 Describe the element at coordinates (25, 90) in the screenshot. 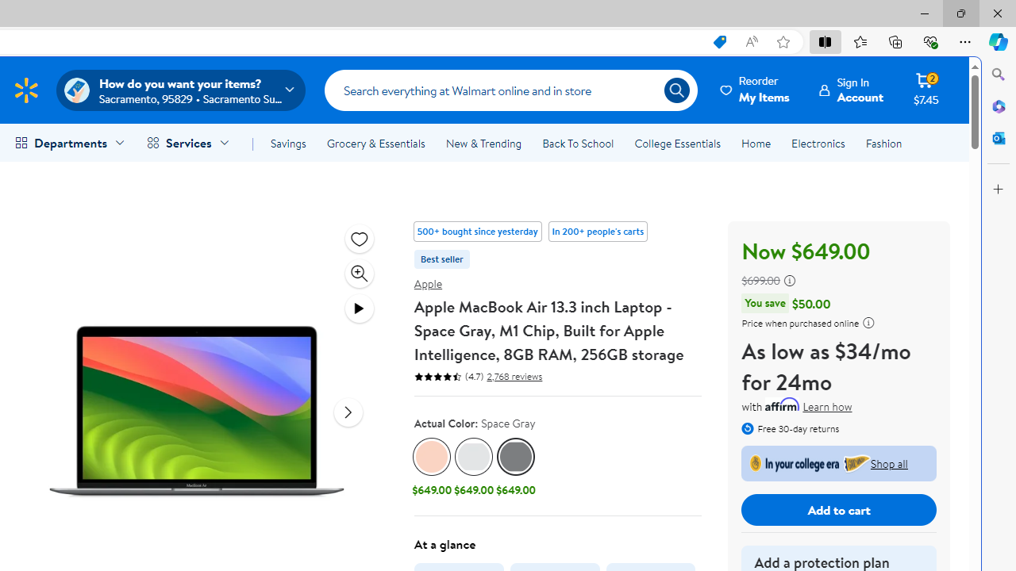

I see `'Walmart Homepage'` at that location.